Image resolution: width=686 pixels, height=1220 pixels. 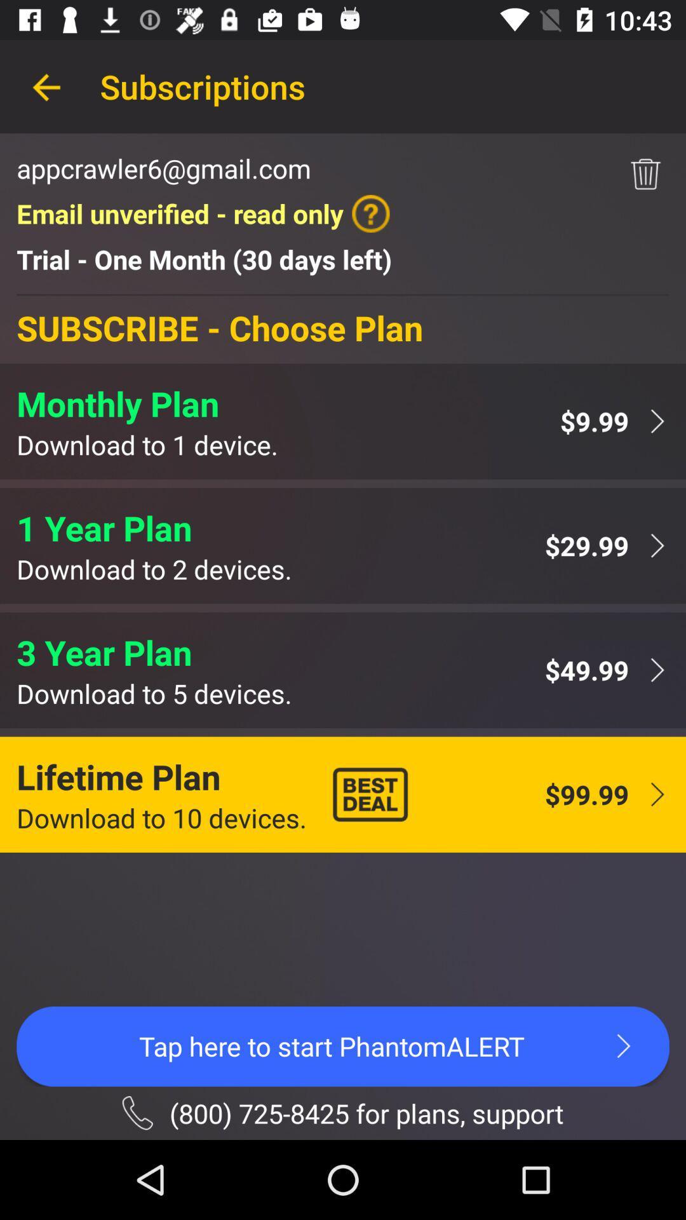 I want to click on the app to the left of the subscriptions icon, so click(x=46, y=86).